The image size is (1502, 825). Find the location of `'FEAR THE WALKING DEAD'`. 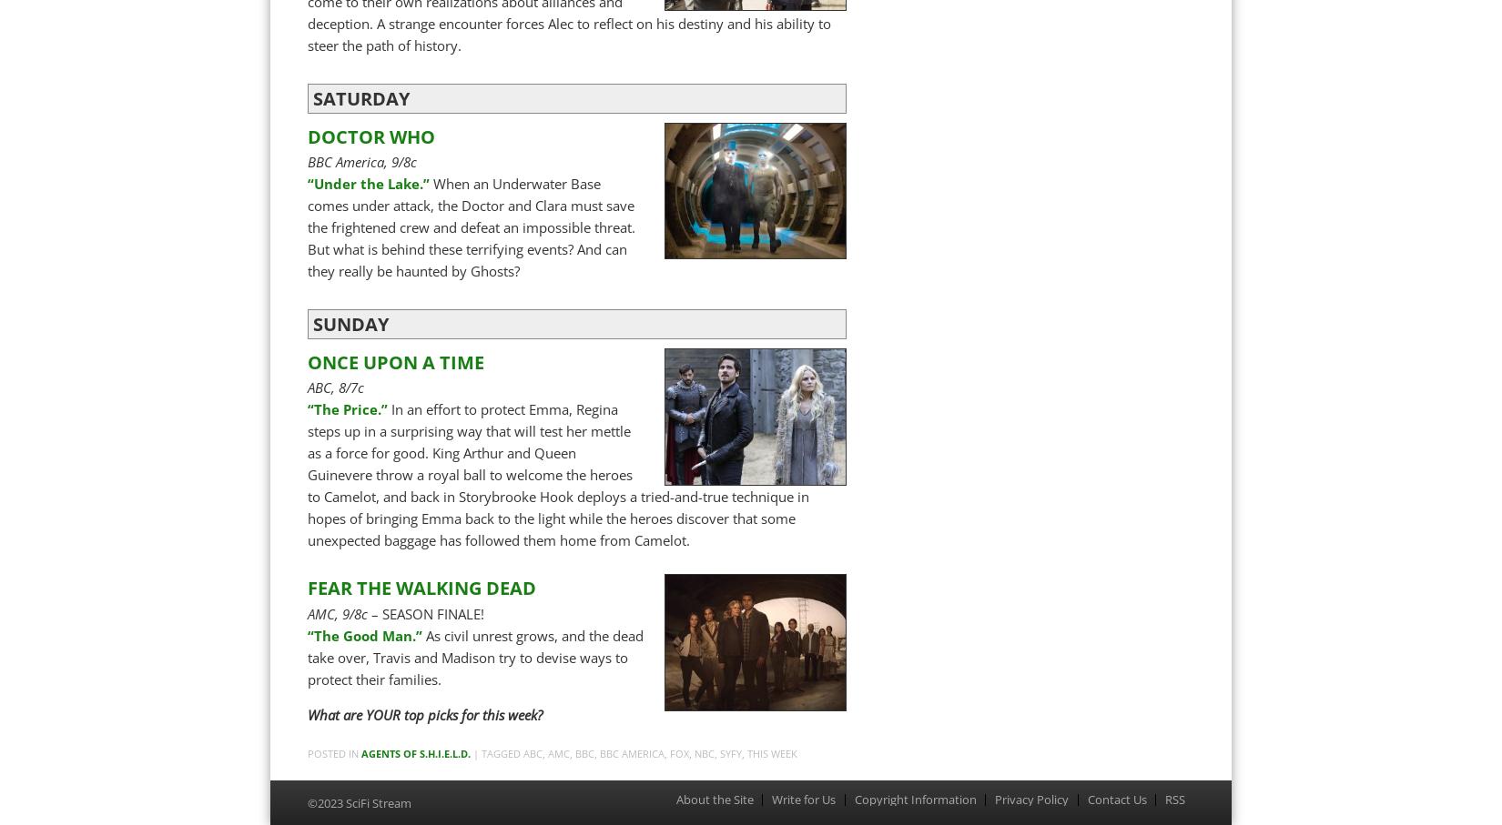

'FEAR THE WALKING DEAD' is located at coordinates (307, 588).